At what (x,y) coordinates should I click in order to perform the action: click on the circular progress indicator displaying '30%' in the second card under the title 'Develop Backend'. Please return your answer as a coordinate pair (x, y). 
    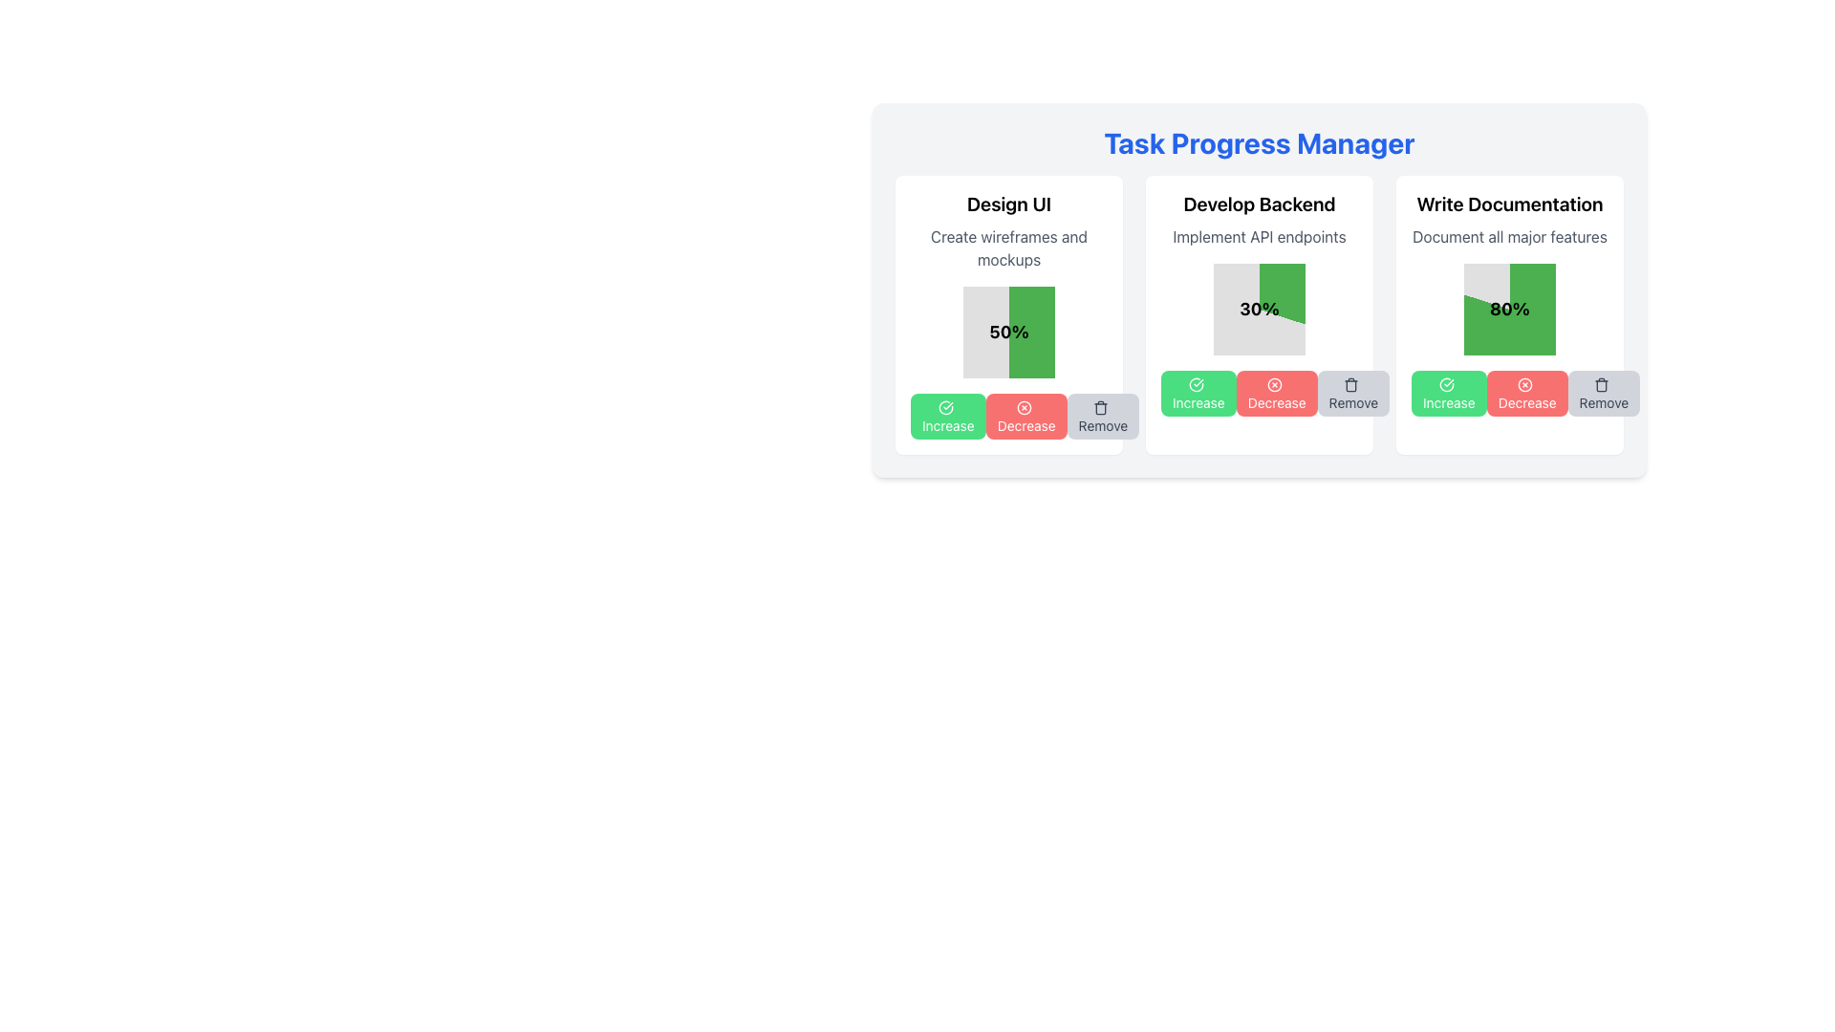
    Looking at the image, I should click on (1260, 309).